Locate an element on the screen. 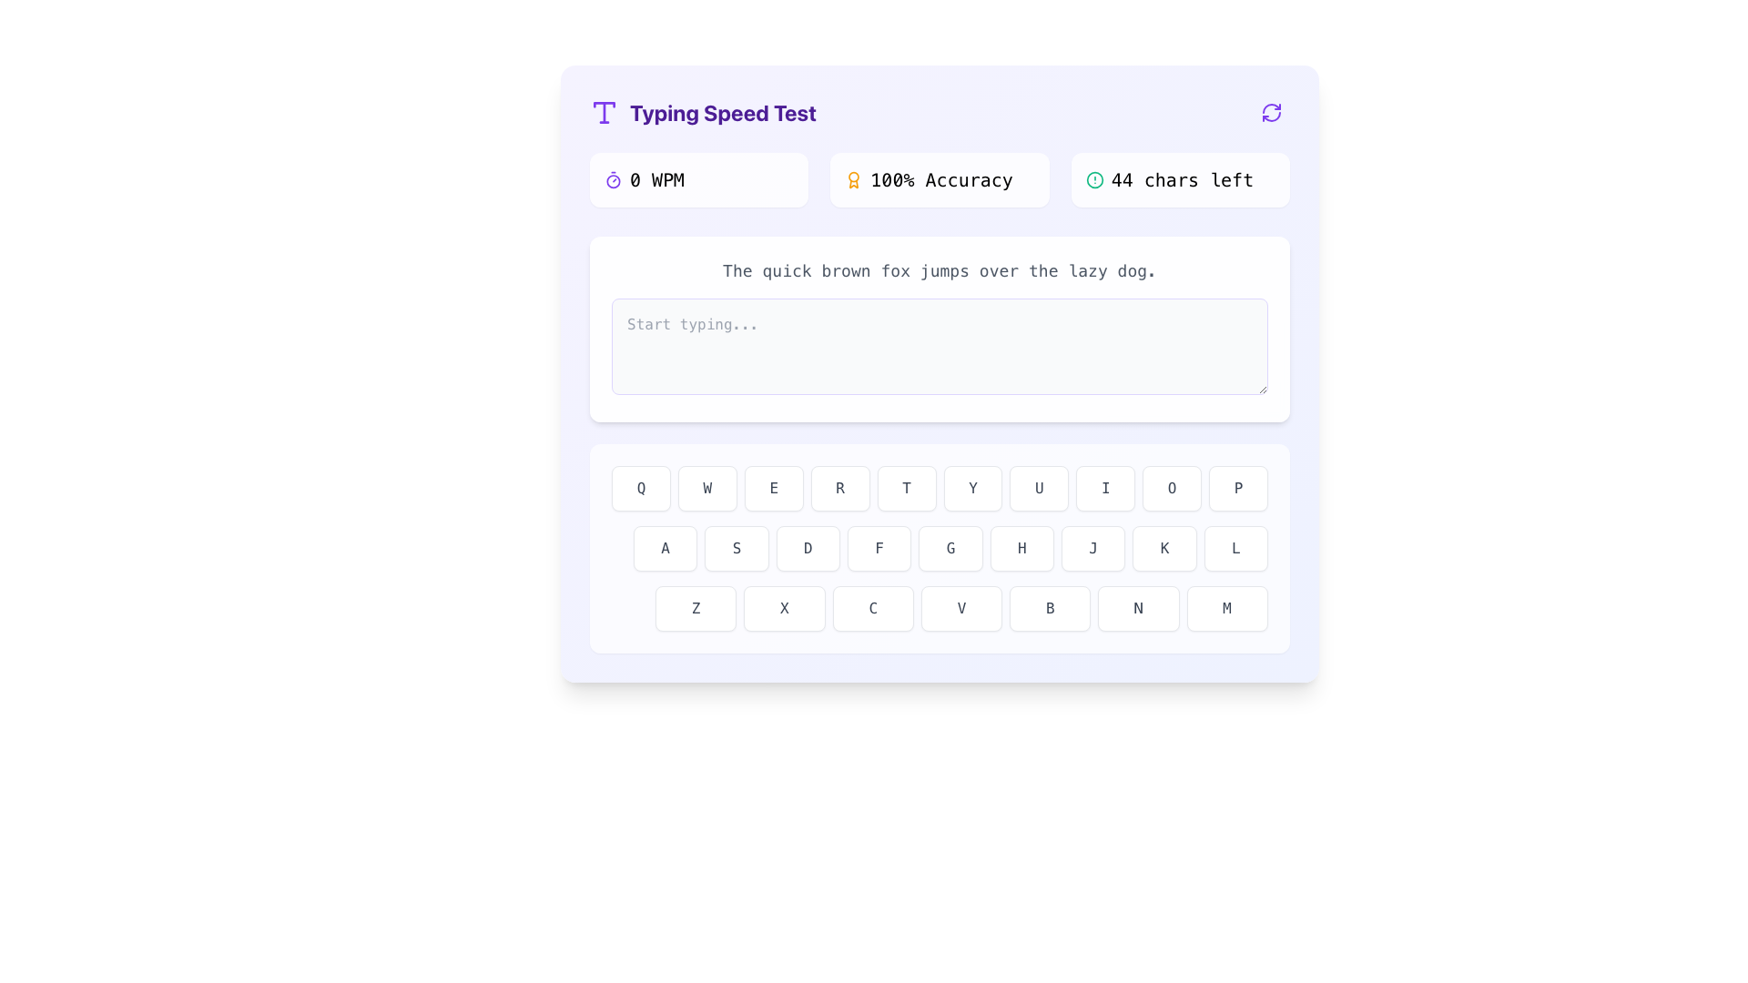 The width and height of the screenshot is (1748, 983). the 'V' key button on the virtual keyboard to highlight it is located at coordinates (960, 608).